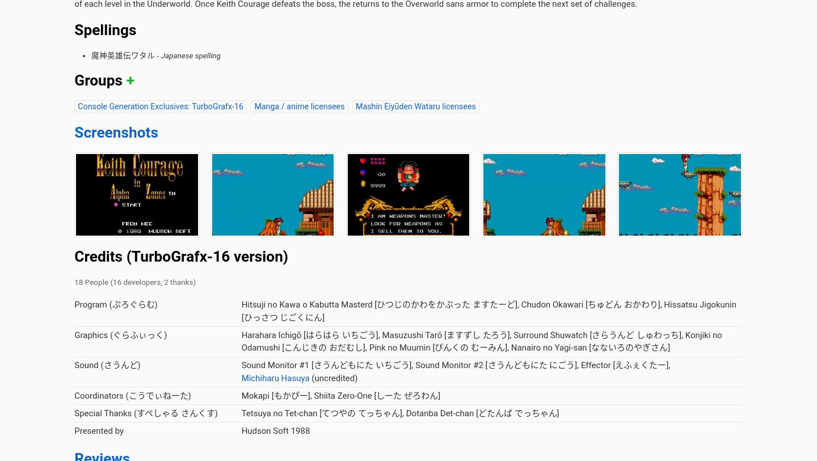 The height and width of the screenshot is (461, 817). I want to click on 'Are you familiar with this game? Help document and preserve this entry in video game history!', so click(74, 61).